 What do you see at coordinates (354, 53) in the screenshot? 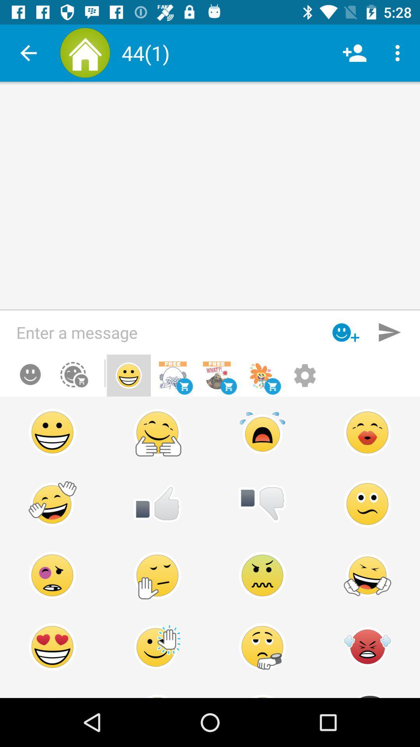
I see `the item next to the (1) icon` at bounding box center [354, 53].